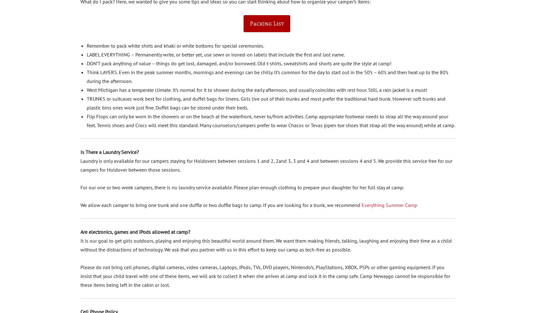 Image resolution: width=536 pixels, height=313 pixels. I want to click on 'Everything Summer Camp', so click(389, 204).